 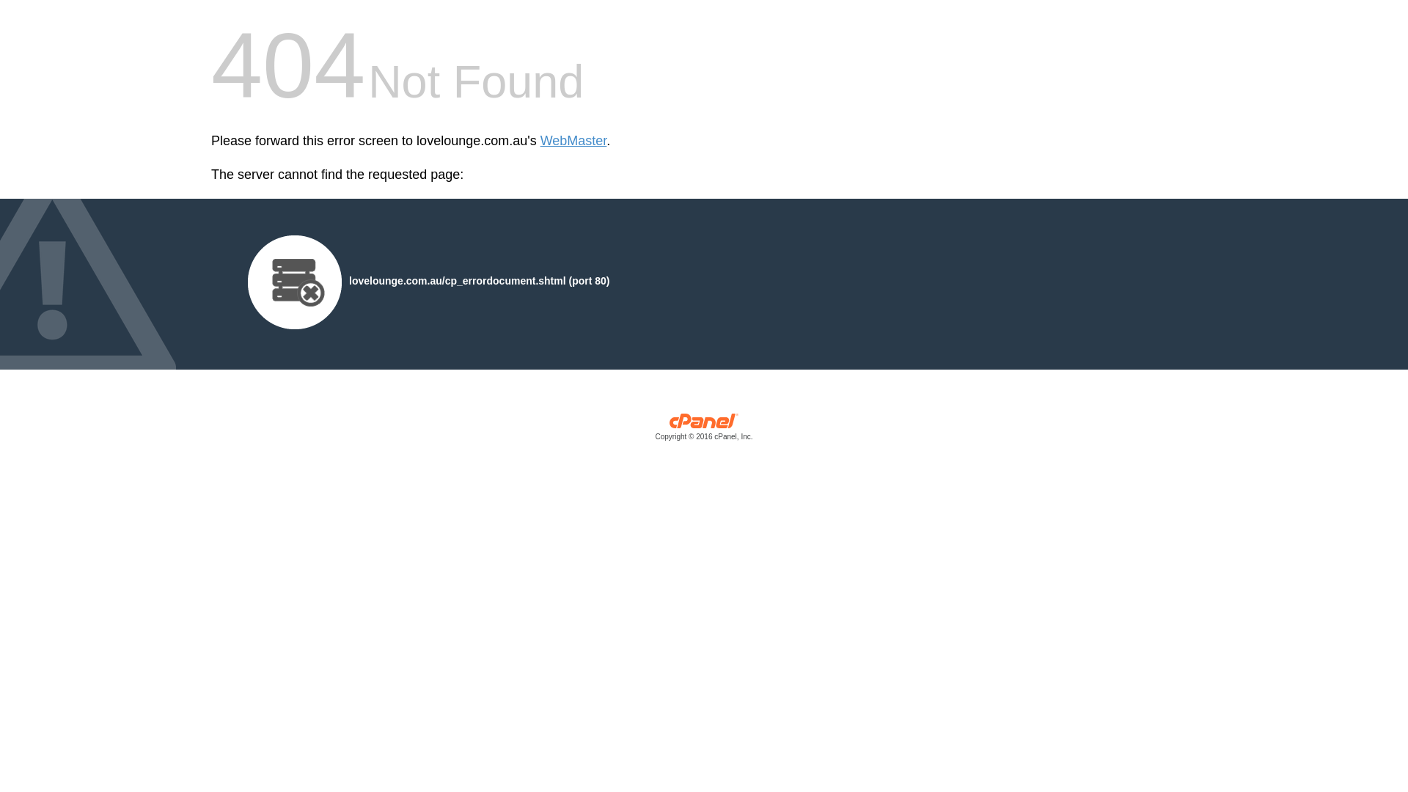 What do you see at coordinates (573, 141) in the screenshot?
I see `'WebMaster'` at bounding box center [573, 141].